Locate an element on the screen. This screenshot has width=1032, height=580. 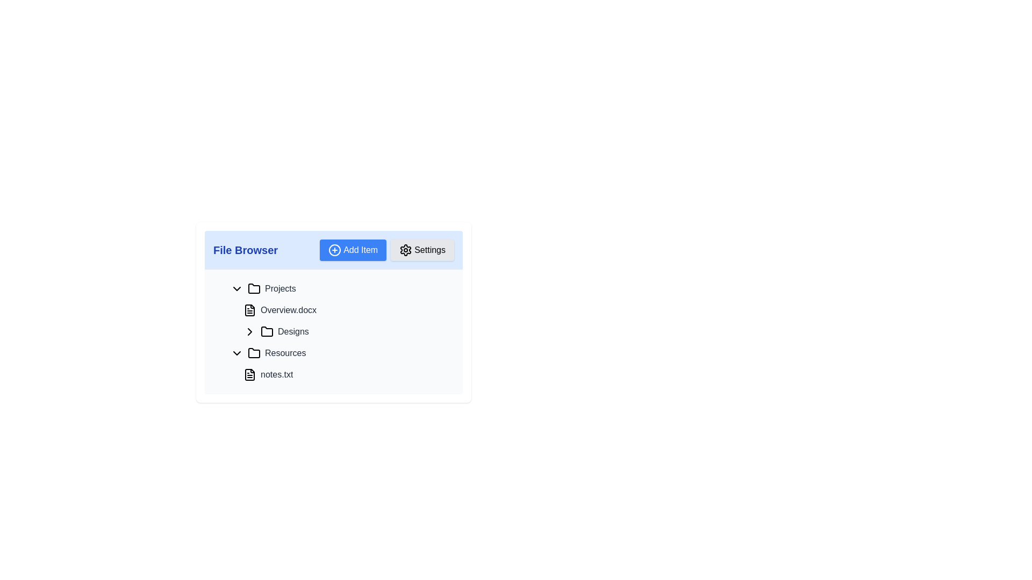
the button located at the top-right section of the interface under the 'File Browser' label, which is the first button from the left next to the 'Settings' button is located at coordinates (353, 250).